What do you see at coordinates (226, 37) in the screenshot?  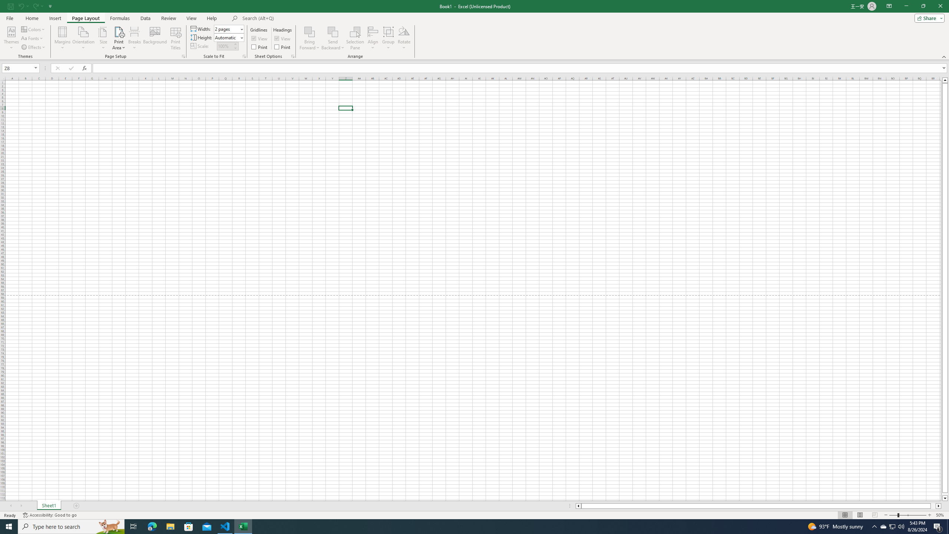 I see `'Height'` at bounding box center [226, 37].